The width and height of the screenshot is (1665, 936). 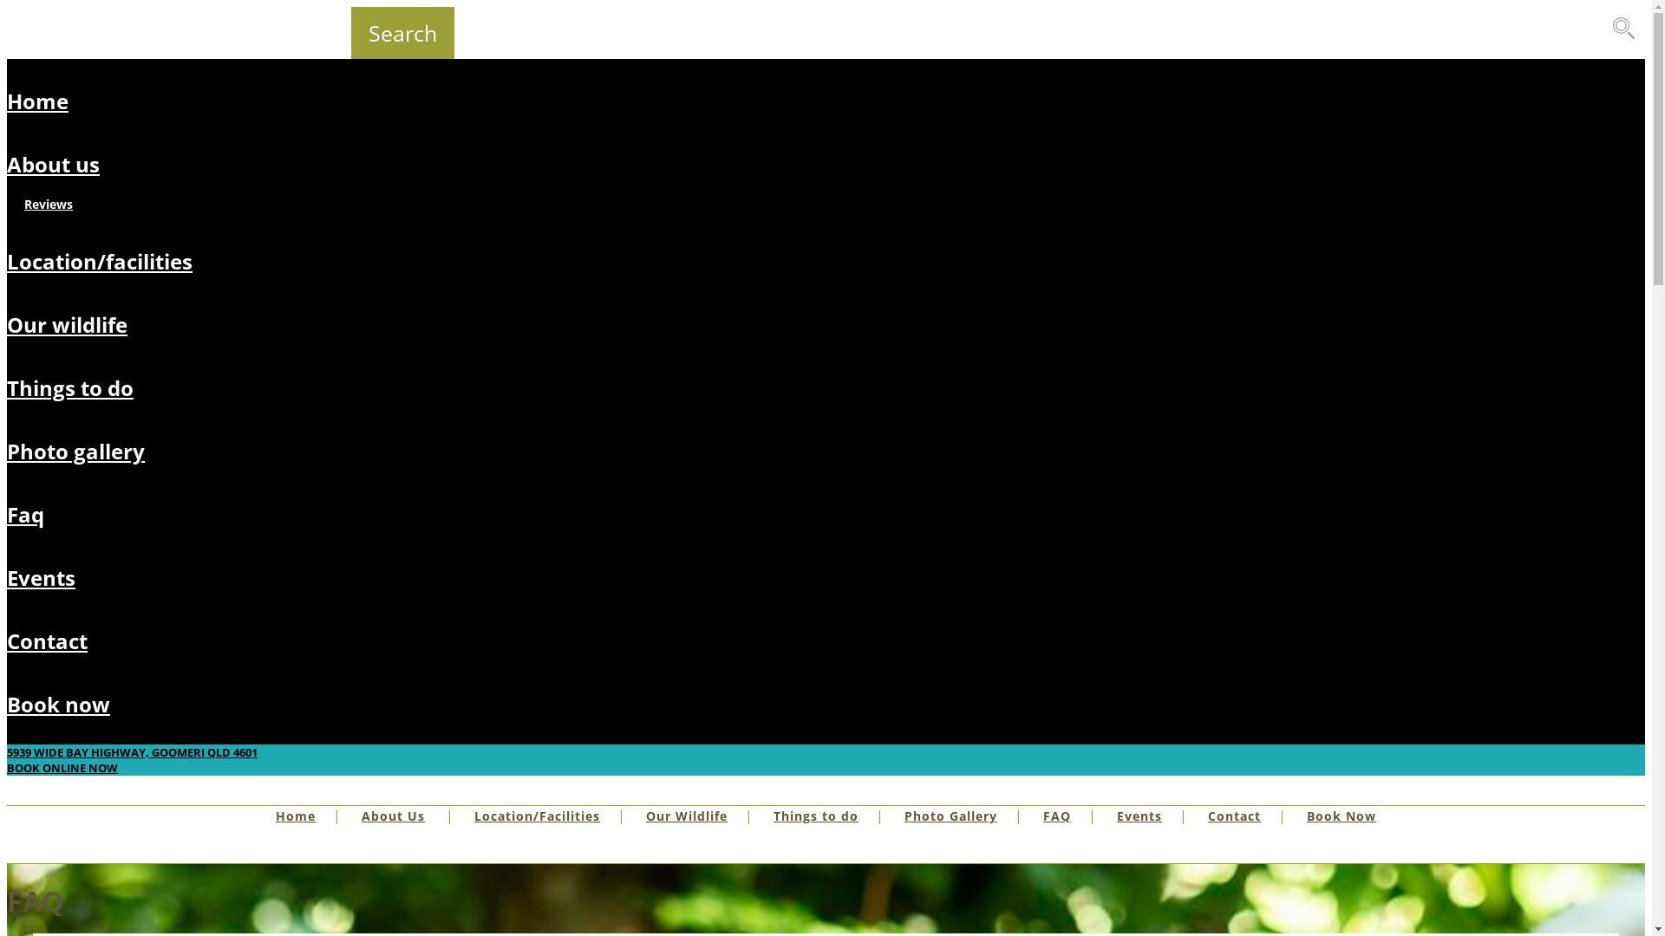 I want to click on 'About Us', so click(x=361, y=816).